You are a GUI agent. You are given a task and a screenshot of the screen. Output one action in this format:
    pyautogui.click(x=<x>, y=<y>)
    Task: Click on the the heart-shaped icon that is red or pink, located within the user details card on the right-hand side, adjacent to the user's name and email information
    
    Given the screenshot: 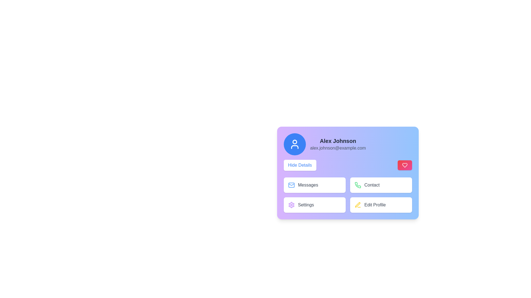 What is the action you would take?
    pyautogui.click(x=405, y=165)
    